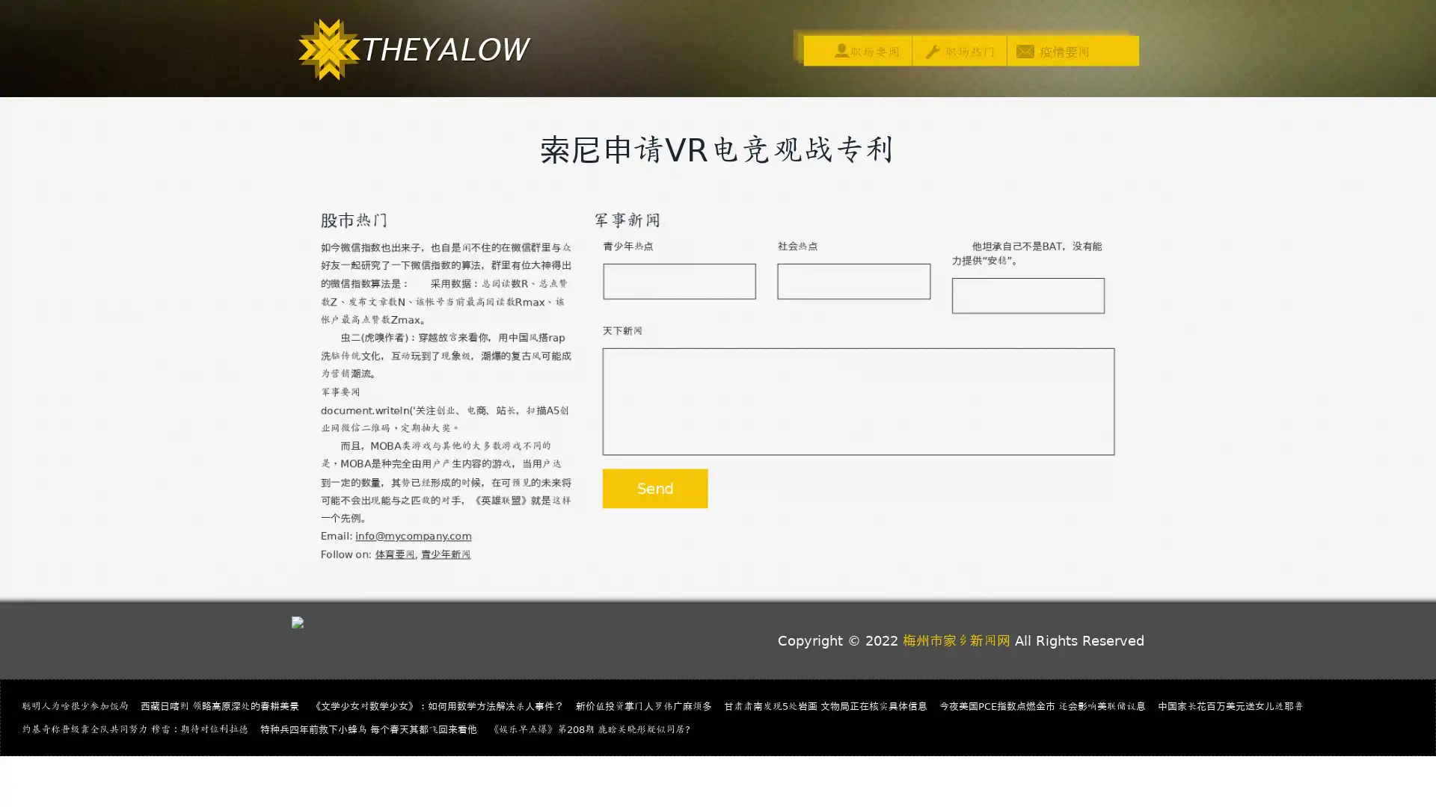  What do you see at coordinates (652, 493) in the screenshot?
I see `Send` at bounding box center [652, 493].